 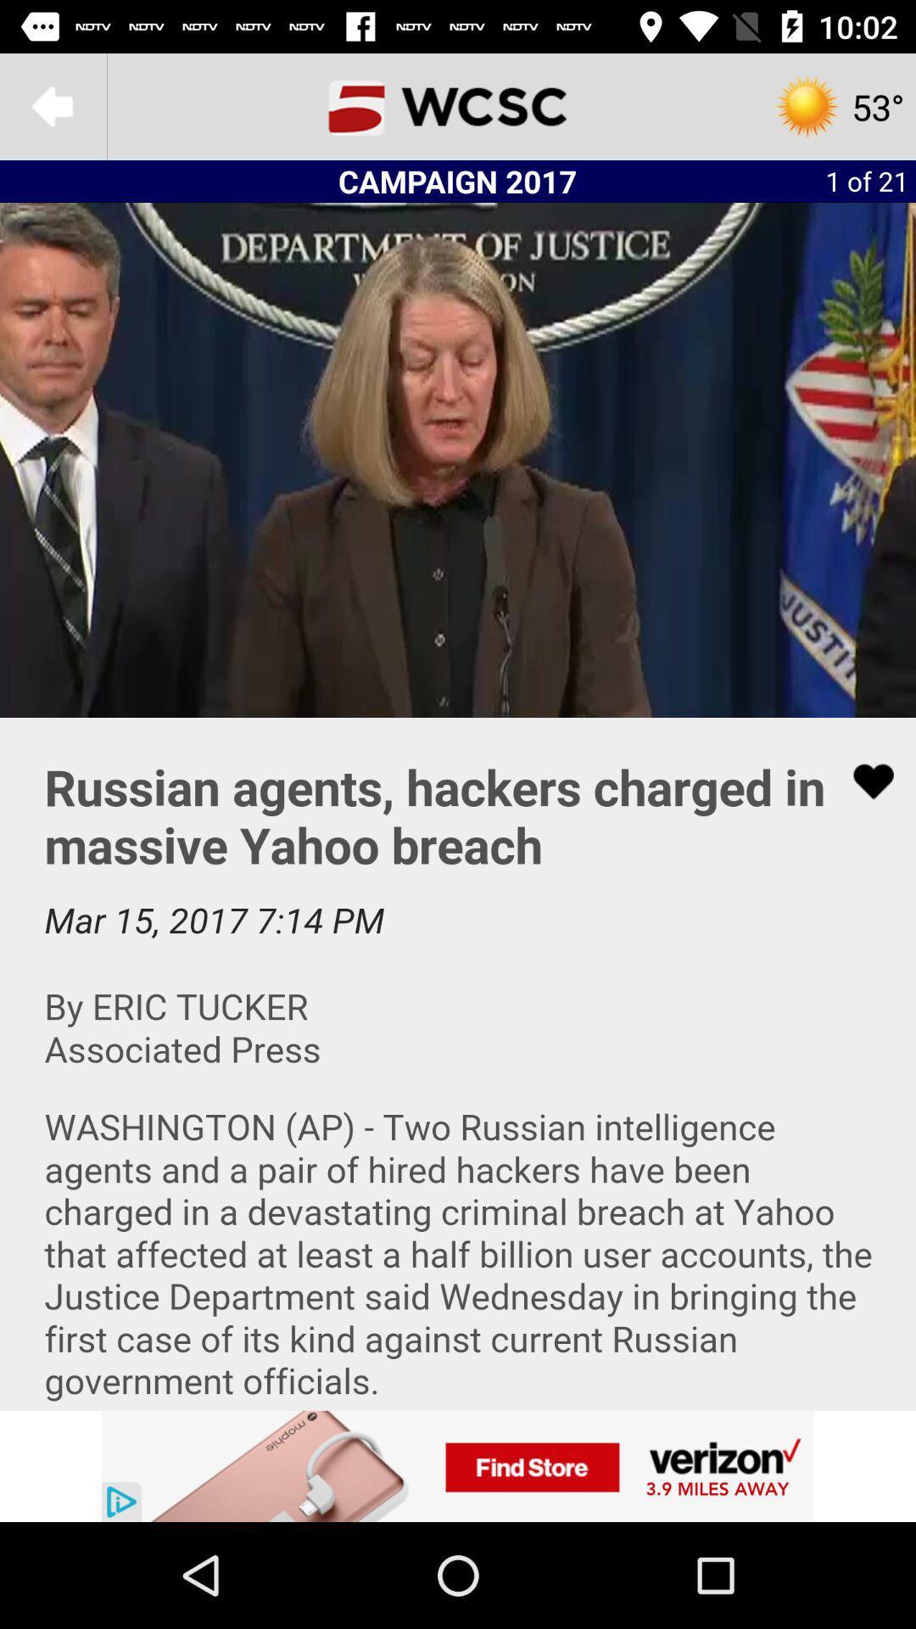 I want to click on main page, so click(x=458, y=105).